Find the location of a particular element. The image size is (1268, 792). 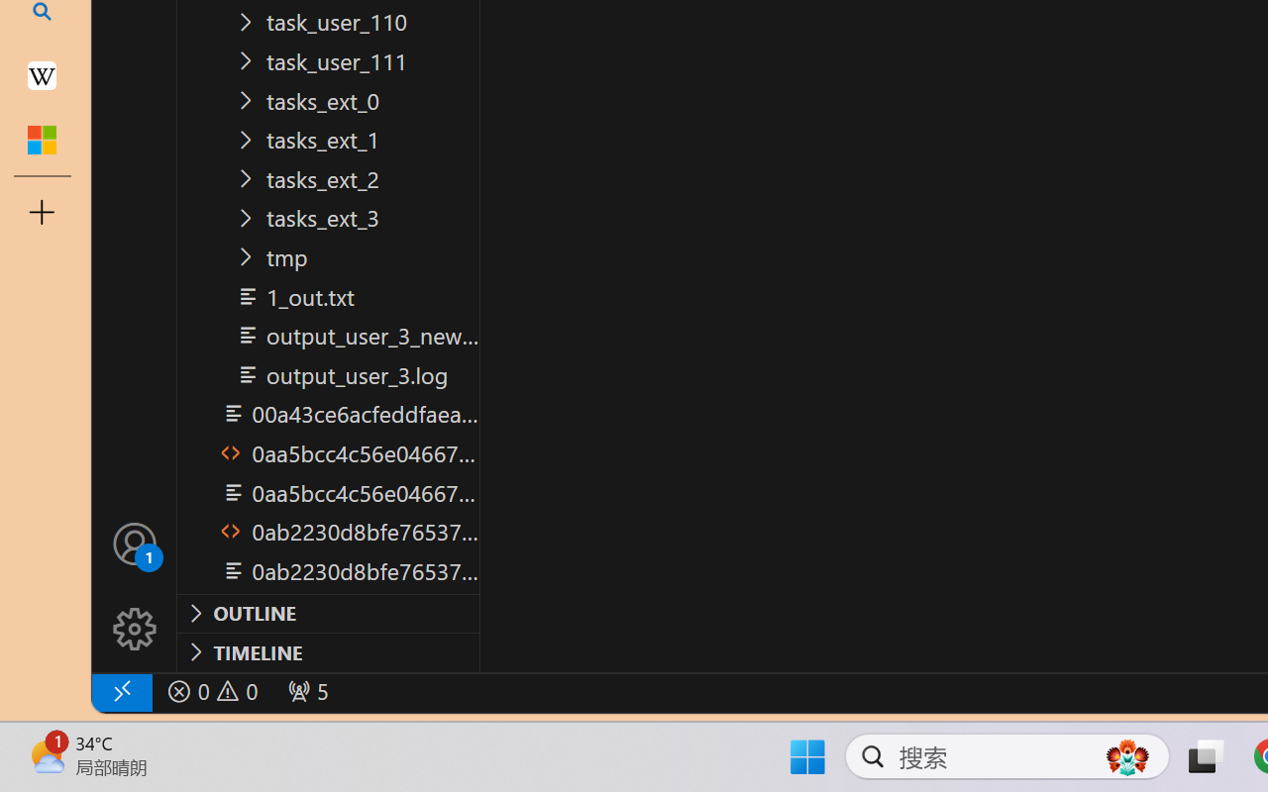

'Timeline Section' is located at coordinates (328, 650).